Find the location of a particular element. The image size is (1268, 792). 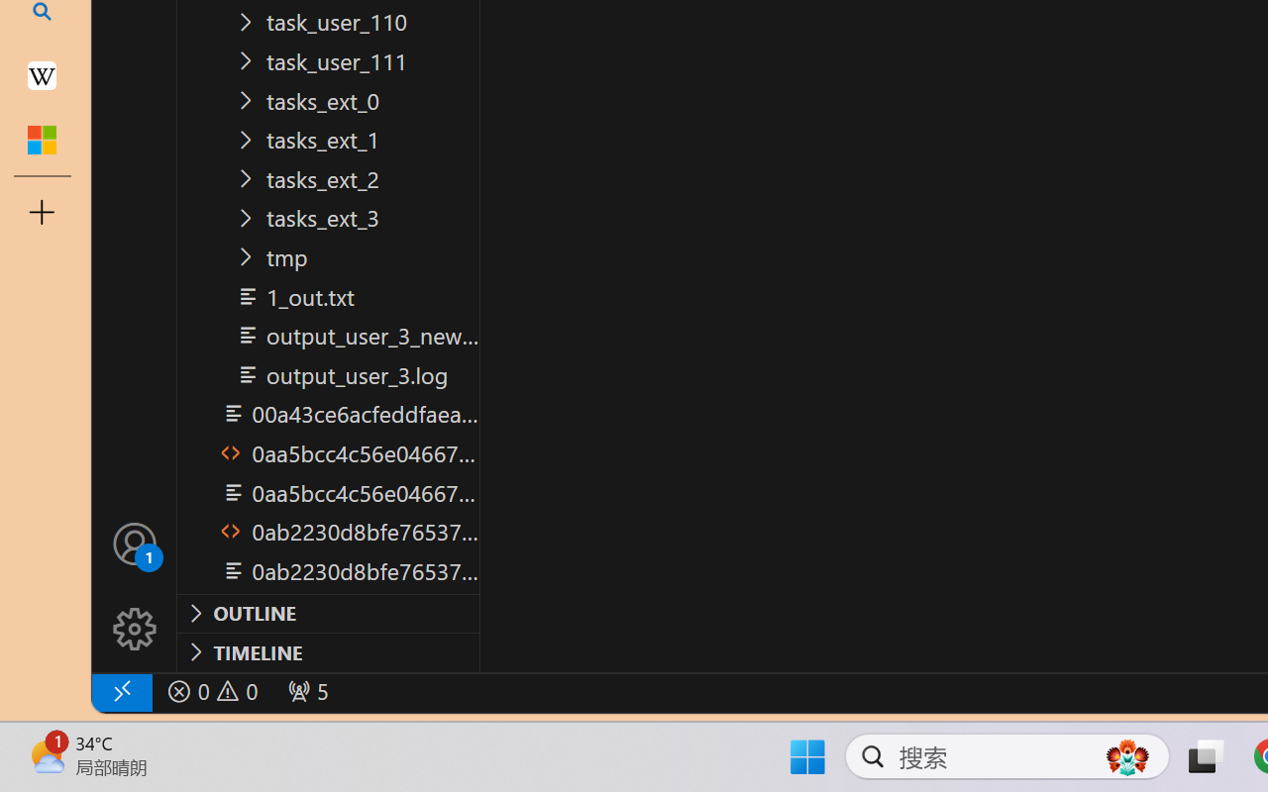

'Timeline Section' is located at coordinates (328, 650).